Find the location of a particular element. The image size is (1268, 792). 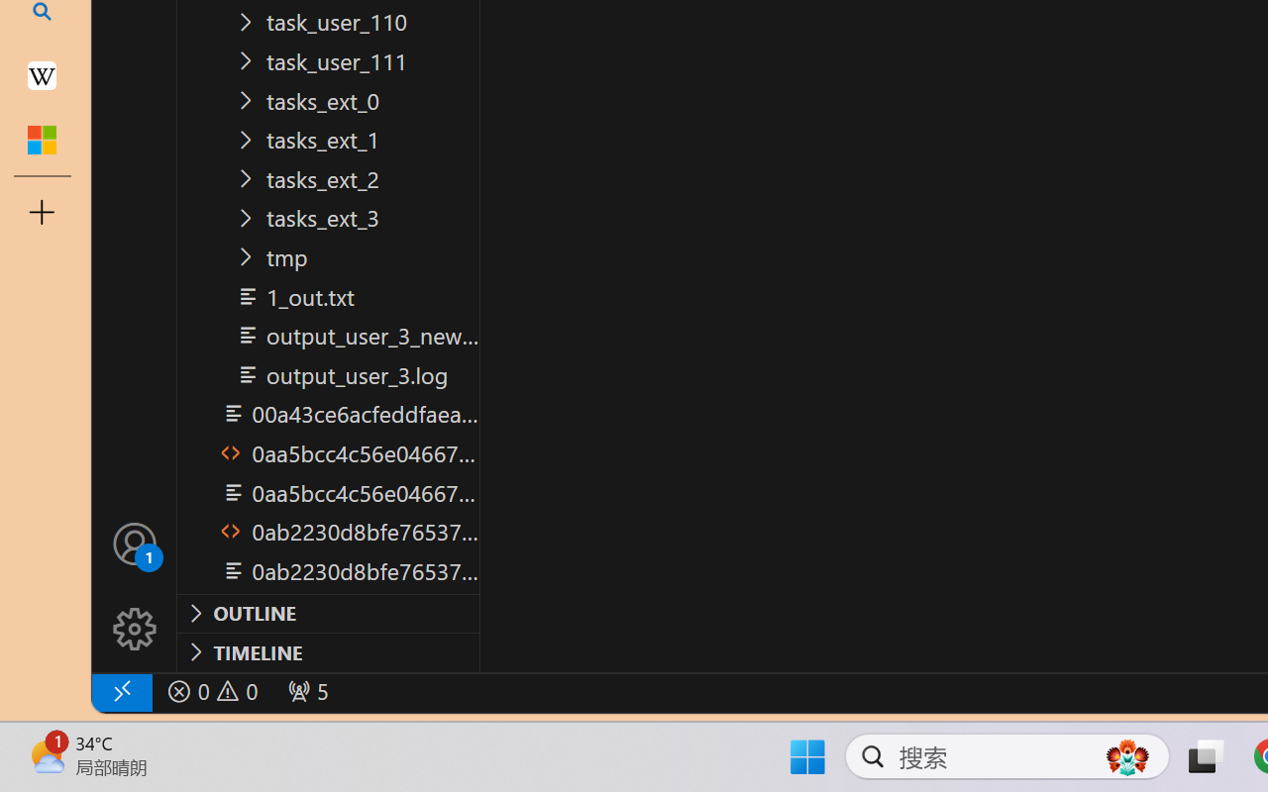

'Timeline Section' is located at coordinates (328, 650).